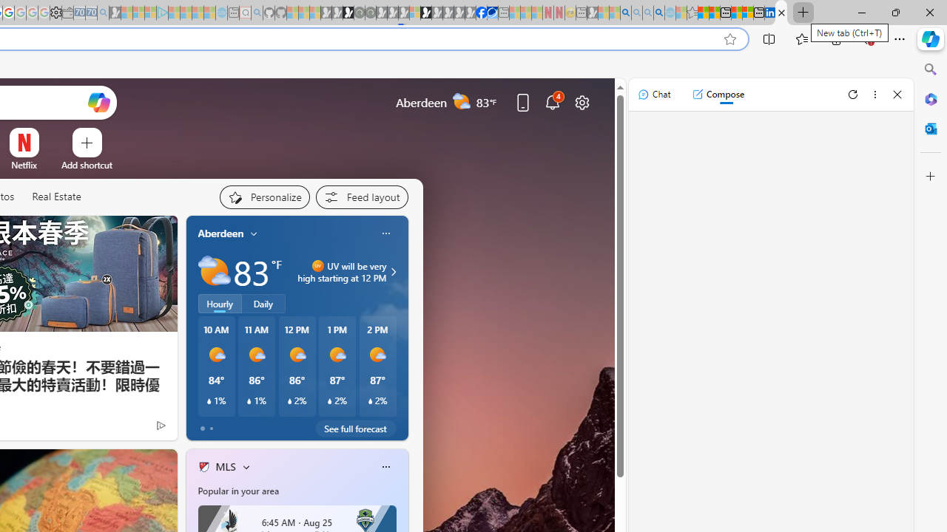 The width and height of the screenshot is (947, 532). I want to click on 'Chat', so click(653, 95).